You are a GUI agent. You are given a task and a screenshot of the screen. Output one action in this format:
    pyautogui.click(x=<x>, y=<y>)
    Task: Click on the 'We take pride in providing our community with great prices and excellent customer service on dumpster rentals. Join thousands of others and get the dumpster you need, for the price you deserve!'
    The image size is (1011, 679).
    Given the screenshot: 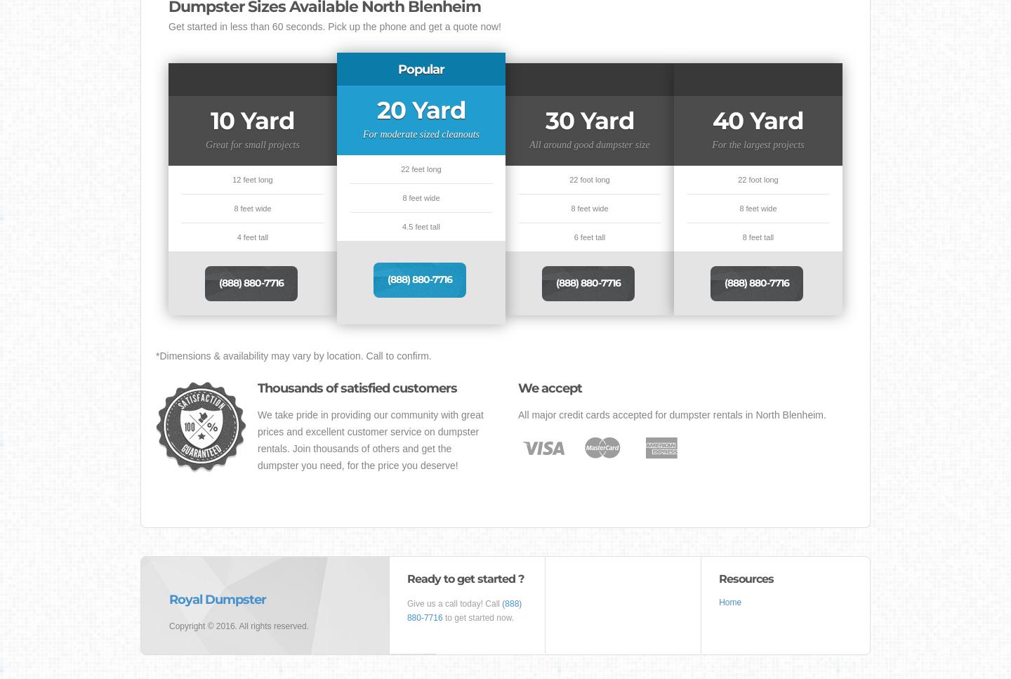 What is the action you would take?
    pyautogui.click(x=257, y=440)
    